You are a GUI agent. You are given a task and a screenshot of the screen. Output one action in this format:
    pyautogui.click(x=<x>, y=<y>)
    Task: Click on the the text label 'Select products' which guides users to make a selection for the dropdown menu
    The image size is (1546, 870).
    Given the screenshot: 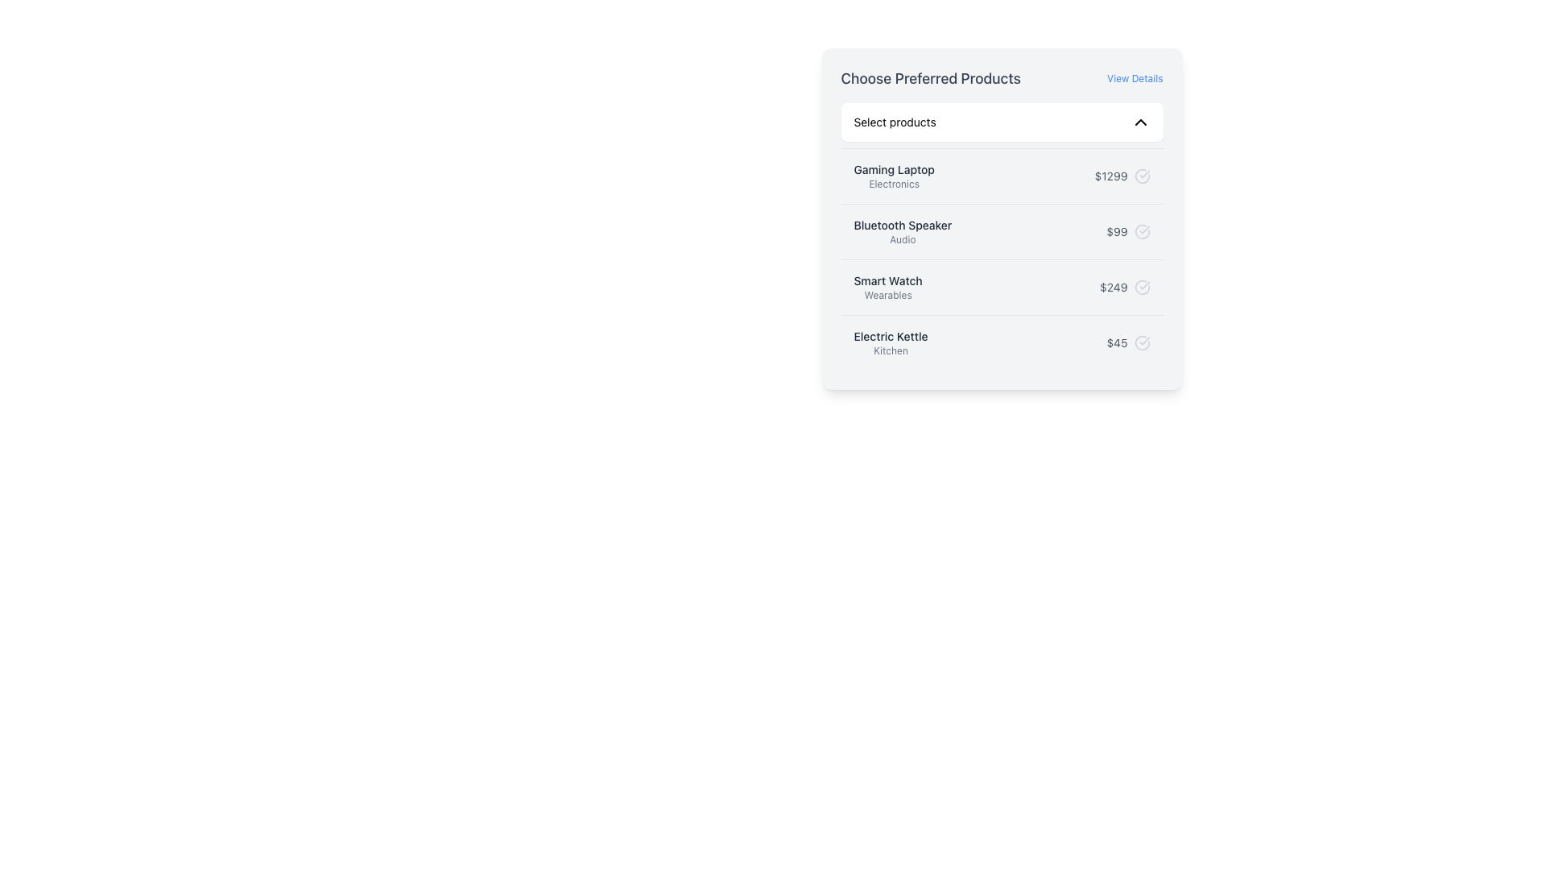 What is the action you would take?
    pyautogui.click(x=894, y=121)
    